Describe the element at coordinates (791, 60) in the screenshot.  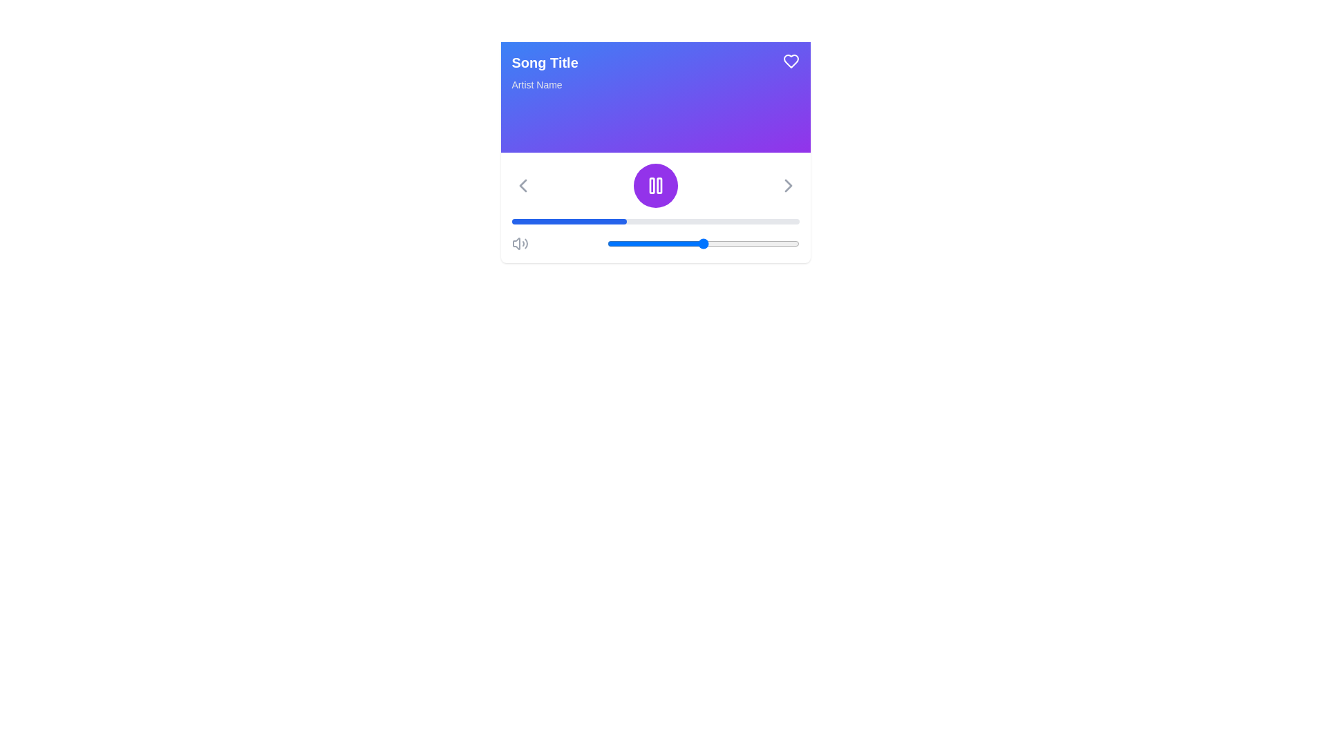
I see `the interactive button located at the top-right corner of the interface` at that location.